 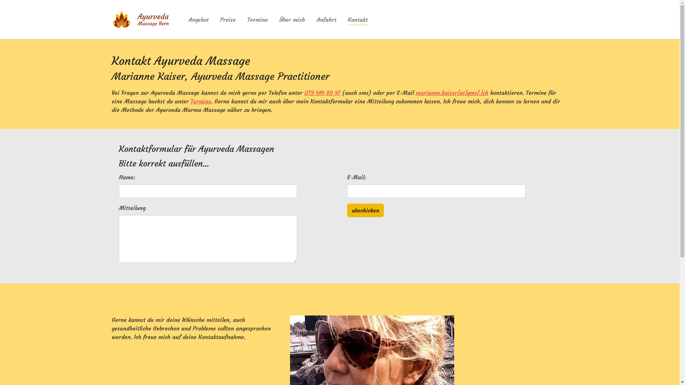 I want to click on 'Termine', so click(x=200, y=101).